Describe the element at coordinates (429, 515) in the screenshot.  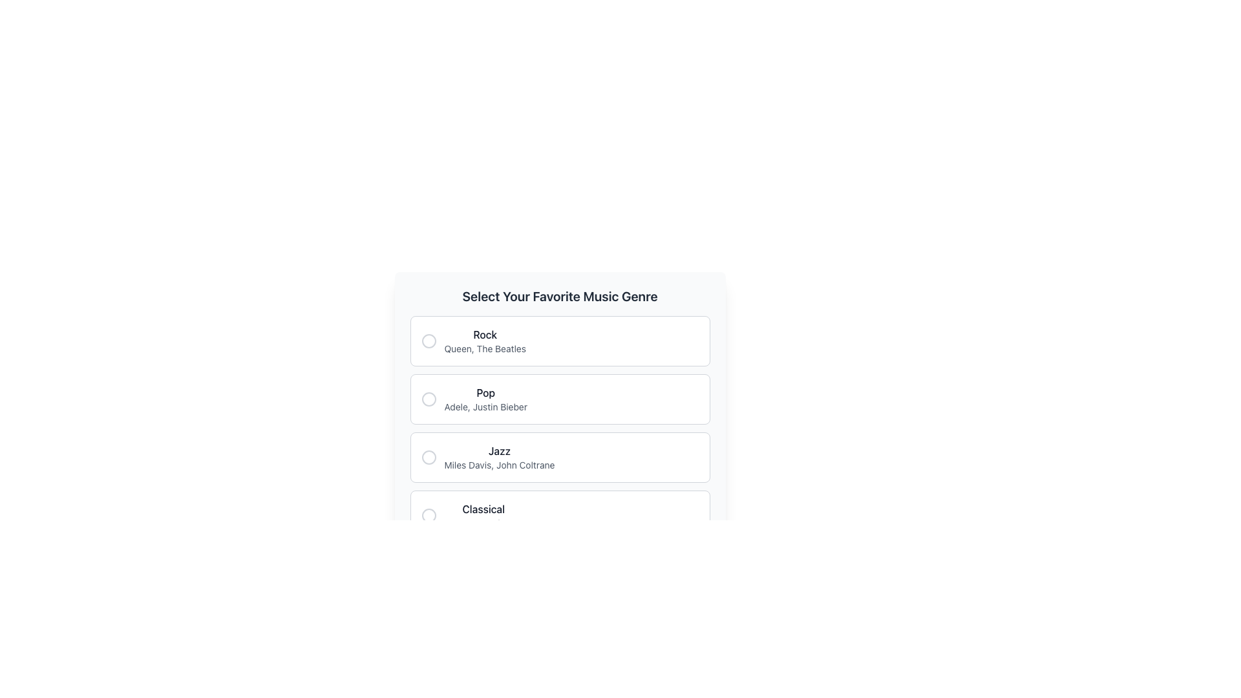
I see `the SVG Circle element, a circular graphical component with a radius of 10 units, positioned left of the 'Classical' option in the music genres list` at that location.